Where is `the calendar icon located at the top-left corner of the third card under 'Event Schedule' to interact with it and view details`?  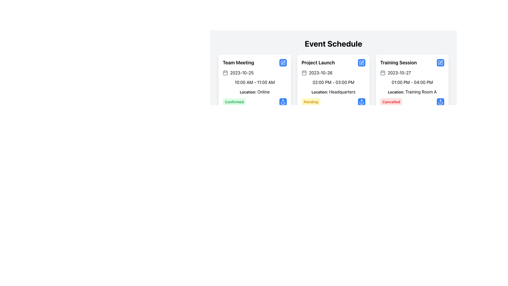 the calendar icon located at the top-left corner of the third card under 'Event Schedule' to interact with it and view details is located at coordinates (383, 73).